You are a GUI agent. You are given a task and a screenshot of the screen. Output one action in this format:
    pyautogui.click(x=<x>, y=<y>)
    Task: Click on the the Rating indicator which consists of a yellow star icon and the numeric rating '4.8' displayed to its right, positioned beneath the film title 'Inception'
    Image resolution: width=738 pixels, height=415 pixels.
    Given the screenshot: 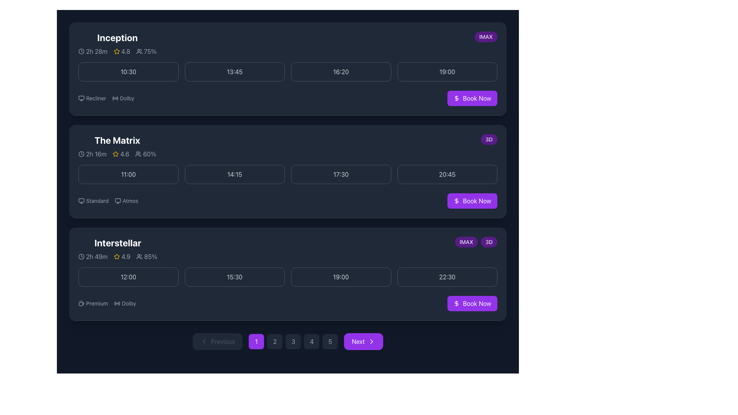 What is the action you would take?
    pyautogui.click(x=117, y=51)
    